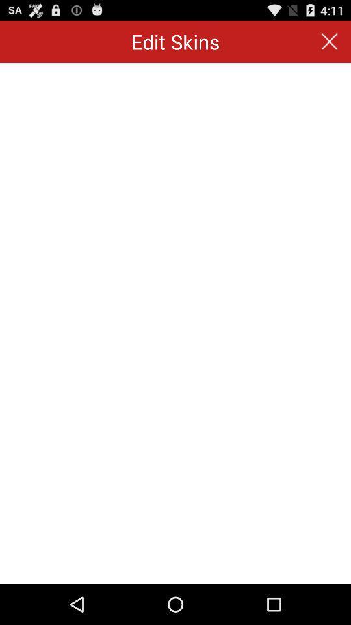 This screenshot has width=351, height=625. Describe the element at coordinates (330, 42) in the screenshot. I see `button at the top right corner` at that location.